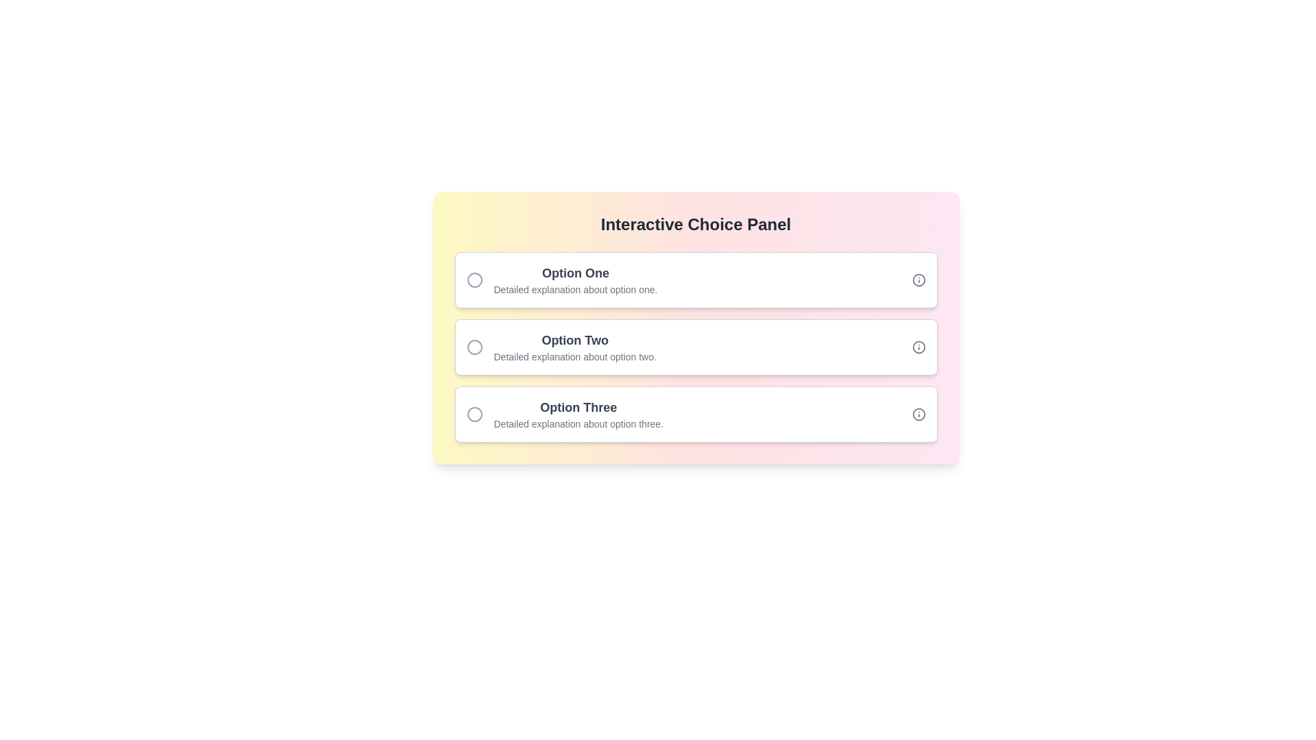 The width and height of the screenshot is (1316, 740). Describe the element at coordinates (474, 414) in the screenshot. I see `the circular radio button with a gray border located to the left of the text 'Option Three' in the third option row of a vertically stacked list` at that location.